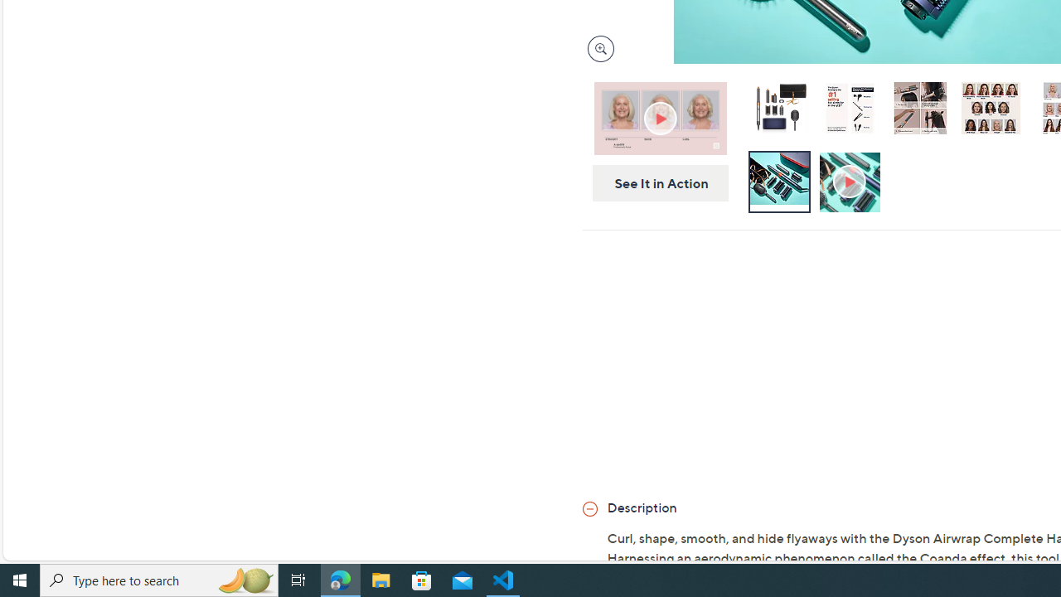 This screenshot has height=597, width=1061. I want to click on 'Magnify Image', so click(599, 47).